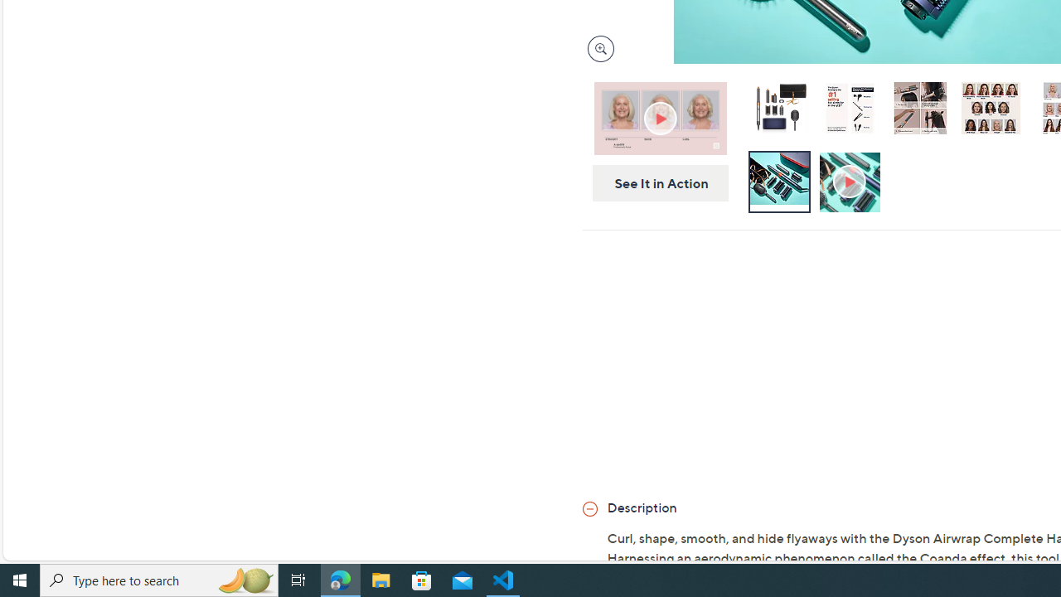 This screenshot has height=597, width=1061. I want to click on 'Magnify Image', so click(599, 47).